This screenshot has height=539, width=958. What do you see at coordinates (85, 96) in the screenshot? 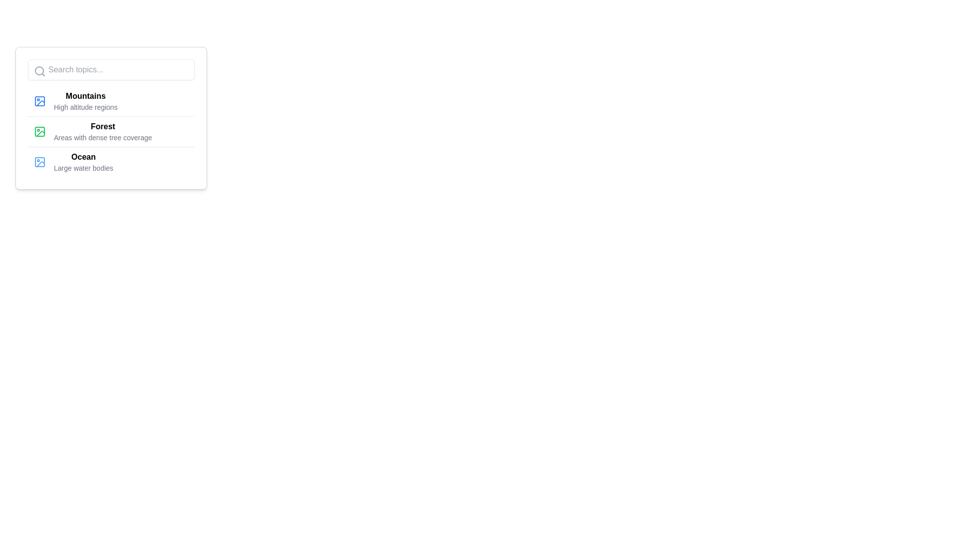
I see `text label 'Mountains' which serves as a title for a category in the selection menu, located at the top-left corner of the selection list` at bounding box center [85, 96].